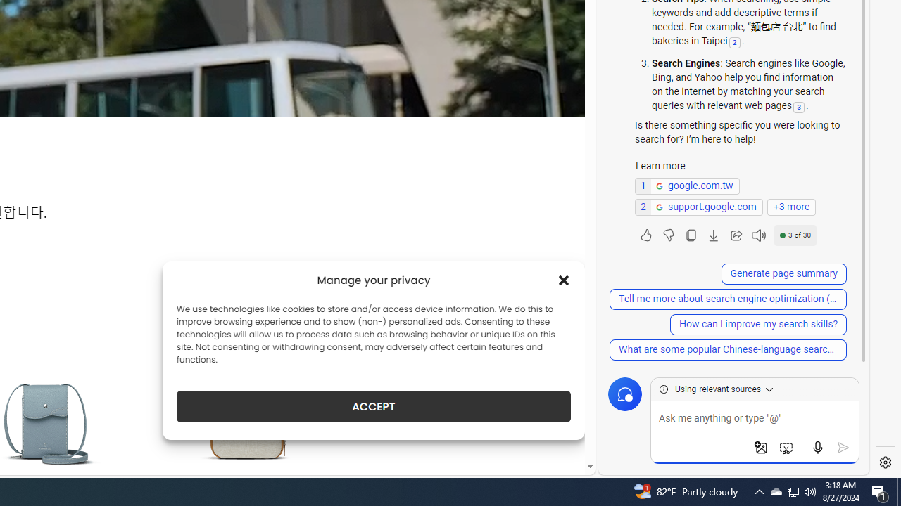 This screenshot has height=506, width=901. I want to click on 'Class: cmplz-close', so click(564, 280).